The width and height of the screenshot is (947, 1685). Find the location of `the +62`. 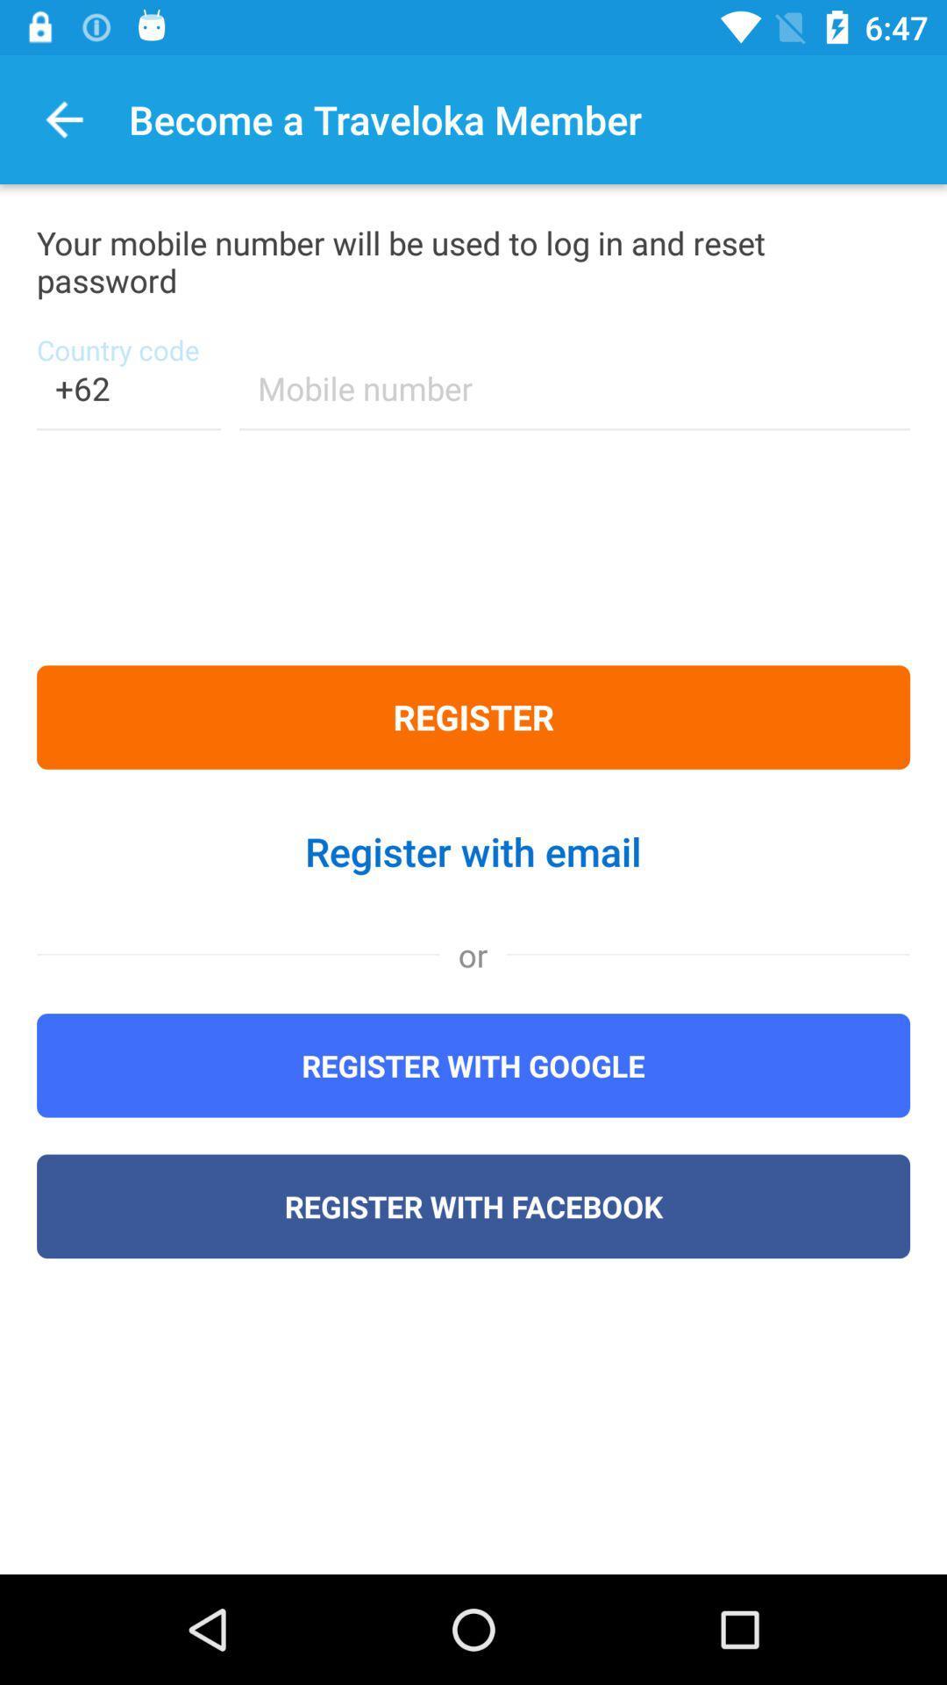

the +62 is located at coordinates (127, 398).